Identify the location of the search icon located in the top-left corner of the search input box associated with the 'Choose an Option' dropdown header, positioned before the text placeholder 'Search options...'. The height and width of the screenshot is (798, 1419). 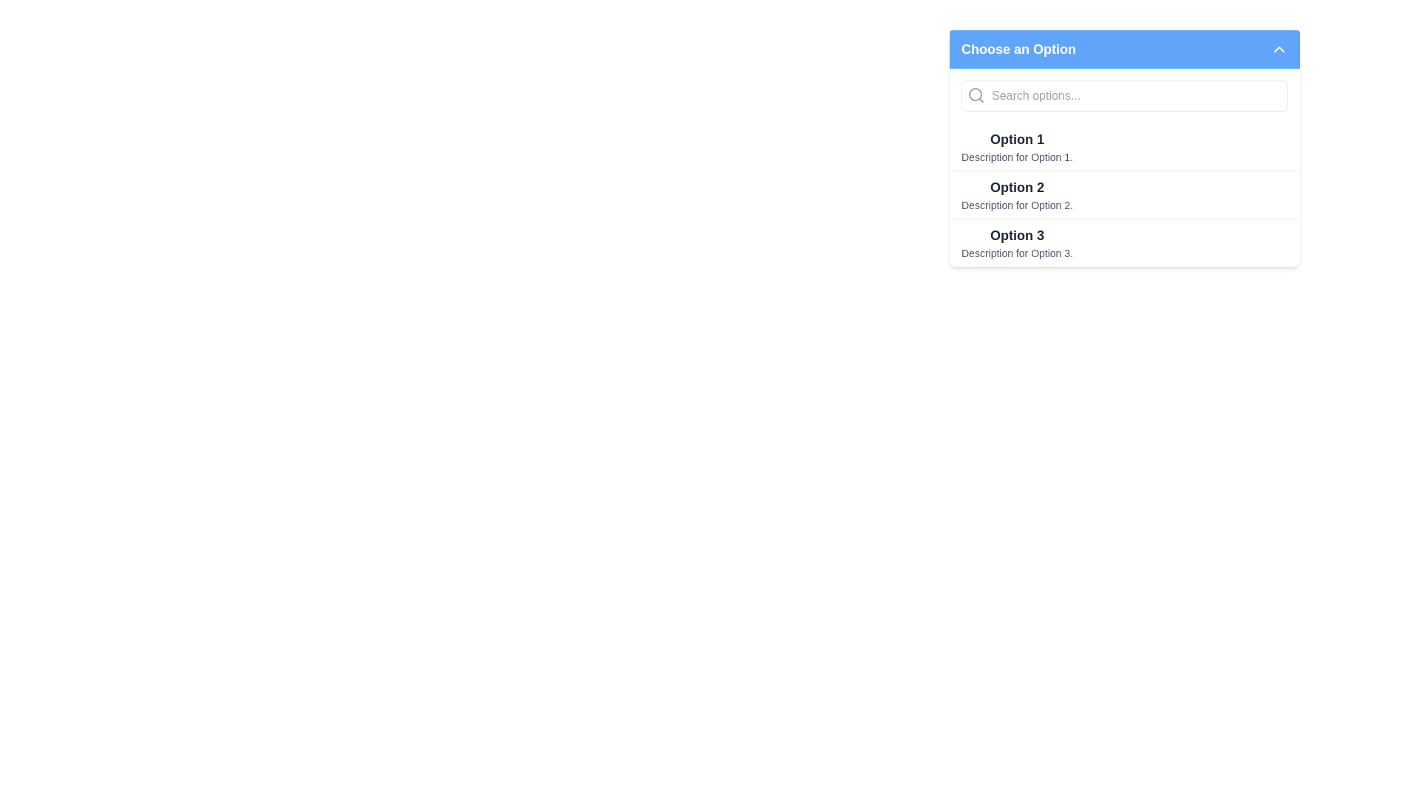
(976, 95).